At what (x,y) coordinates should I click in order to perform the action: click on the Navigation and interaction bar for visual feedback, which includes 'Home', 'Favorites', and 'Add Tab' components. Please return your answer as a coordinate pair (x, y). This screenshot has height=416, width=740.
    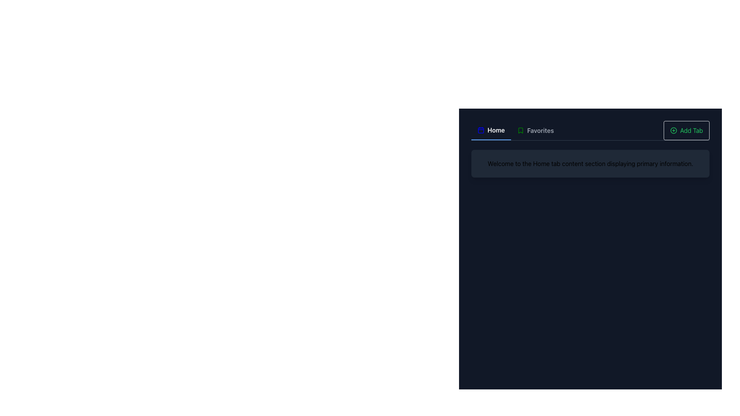
    Looking at the image, I should click on (590, 130).